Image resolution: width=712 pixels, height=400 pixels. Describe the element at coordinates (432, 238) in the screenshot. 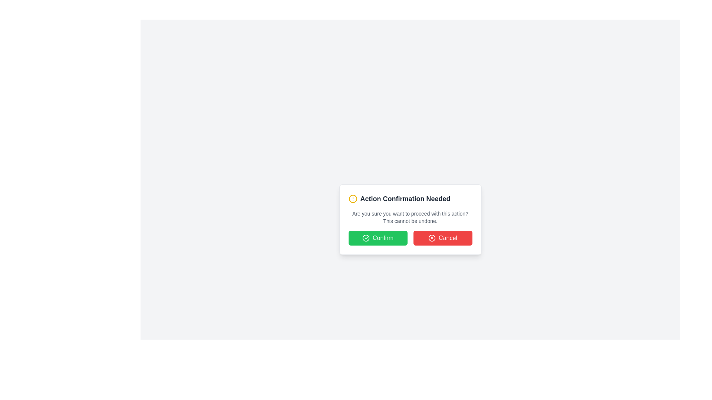

I see `the 'Cancel' icon located to the left of the 'Cancel' button within the red button component at the bottom right of the modal dialog` at that location.